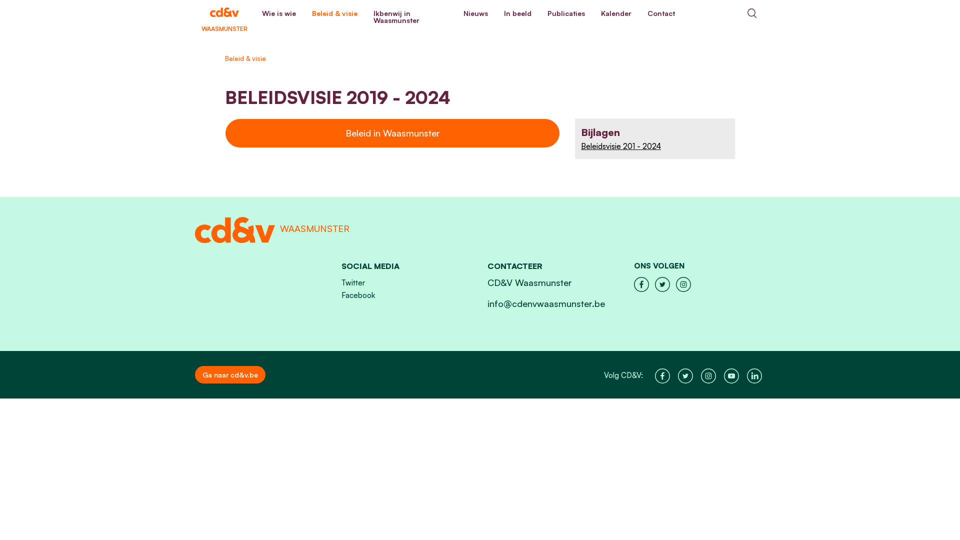 Image resolution: width=960 pixels, height=540 pixels. I want to click on 'Beleidsvisie 201 - 2024', so click(655, 146).